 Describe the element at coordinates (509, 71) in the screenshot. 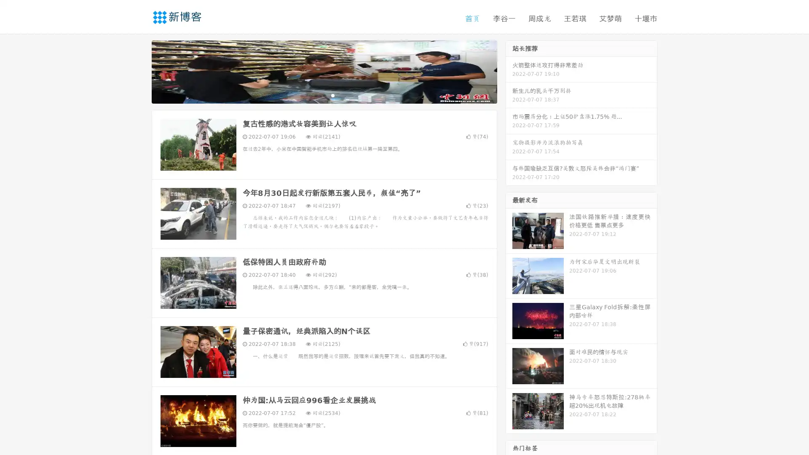

I see `Next slide` at that location.